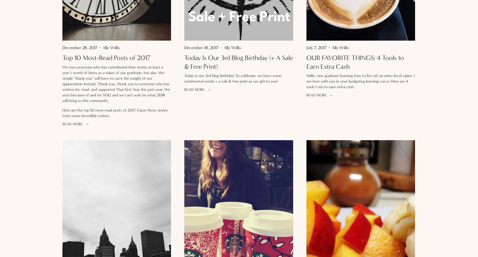 Image resolution: width=478 pixels, height=257 pixels. Describe the element at coordinates (99, 95) in the screenshot. I see `'for'` at that location.